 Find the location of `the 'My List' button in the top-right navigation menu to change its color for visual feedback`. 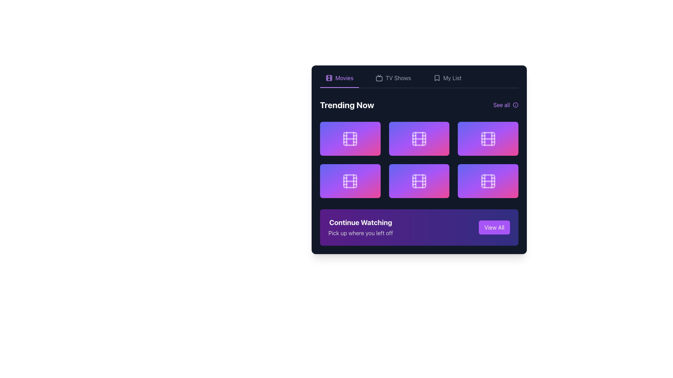

the 'My List' button in the top-right navigation menu to change its color for visual feedback is located at coordinates (447, 80).